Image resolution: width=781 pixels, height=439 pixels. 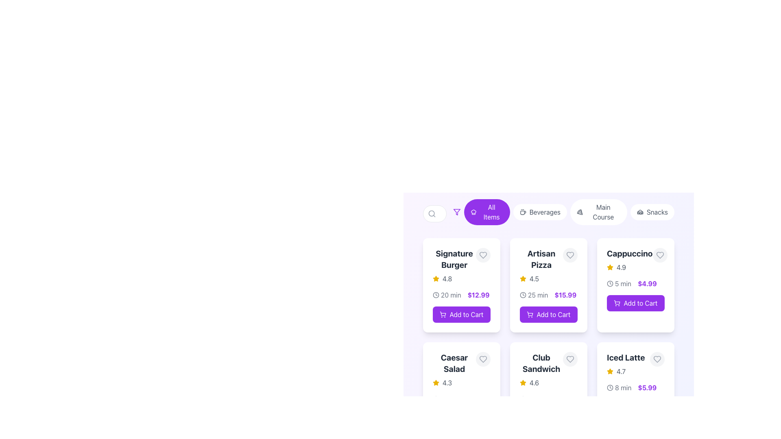 I want to click on the star rating icon located in the second row, first column of the grid, which is styled as an SVG element, so click(x=435, y=278).